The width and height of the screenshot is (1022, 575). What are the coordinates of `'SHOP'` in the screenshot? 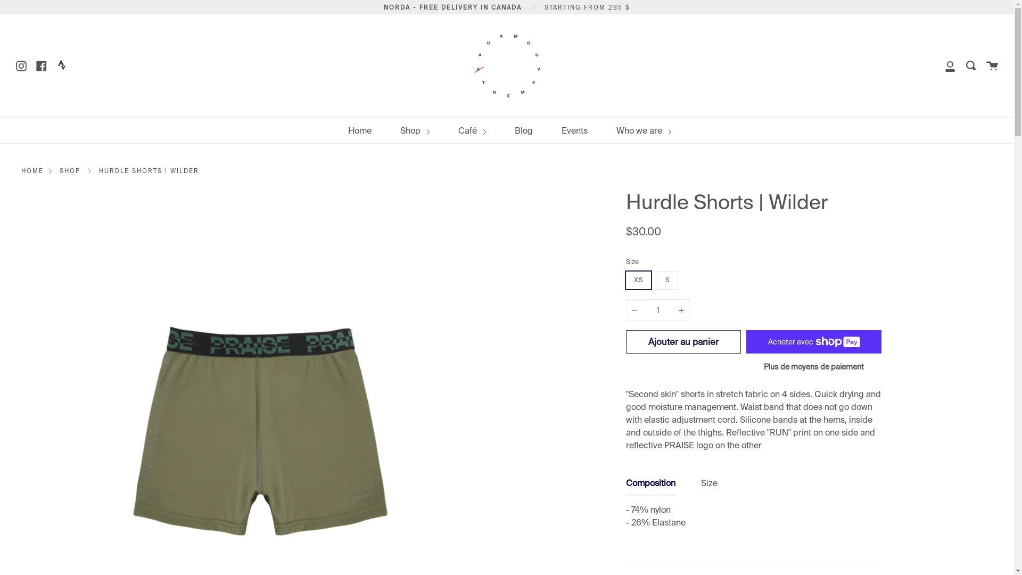 It's located at (69, 170).